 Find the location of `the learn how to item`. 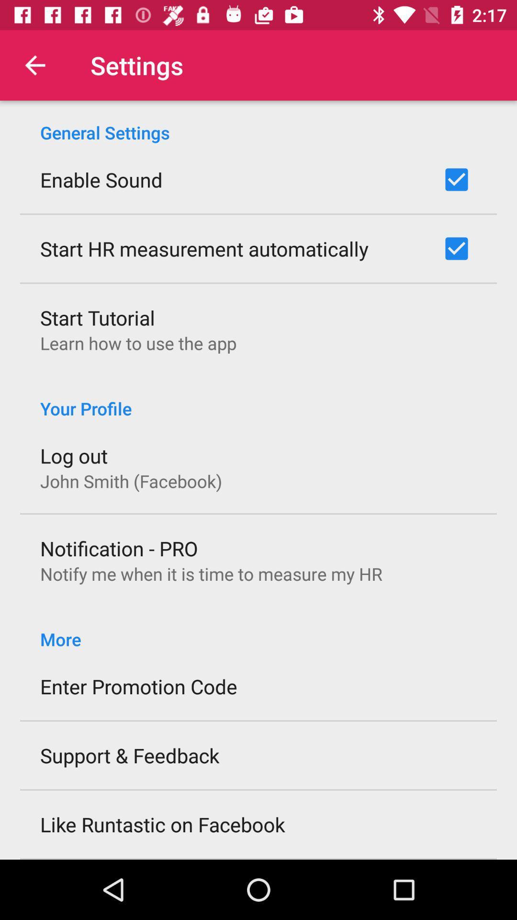

the learn how to item is located at coordinates (138, 343).